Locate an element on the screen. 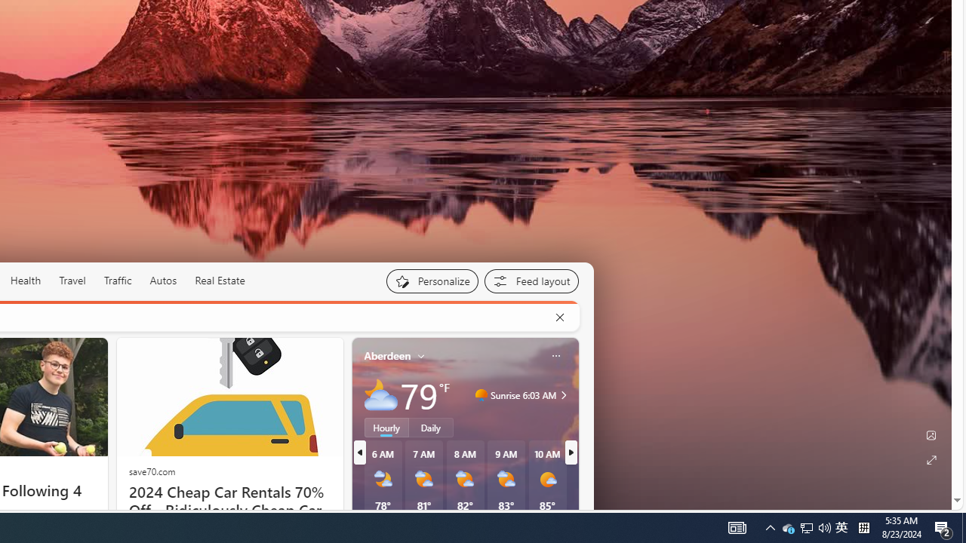  'Mostly cloudy' is located at coordinates (380, 394).